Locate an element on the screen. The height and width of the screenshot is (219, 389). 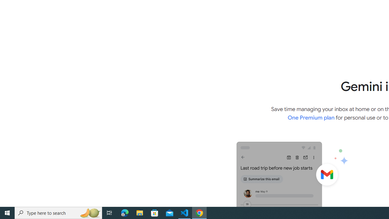
'Visual Studio Code - 1 running window' is located at coordinates (184, 212).